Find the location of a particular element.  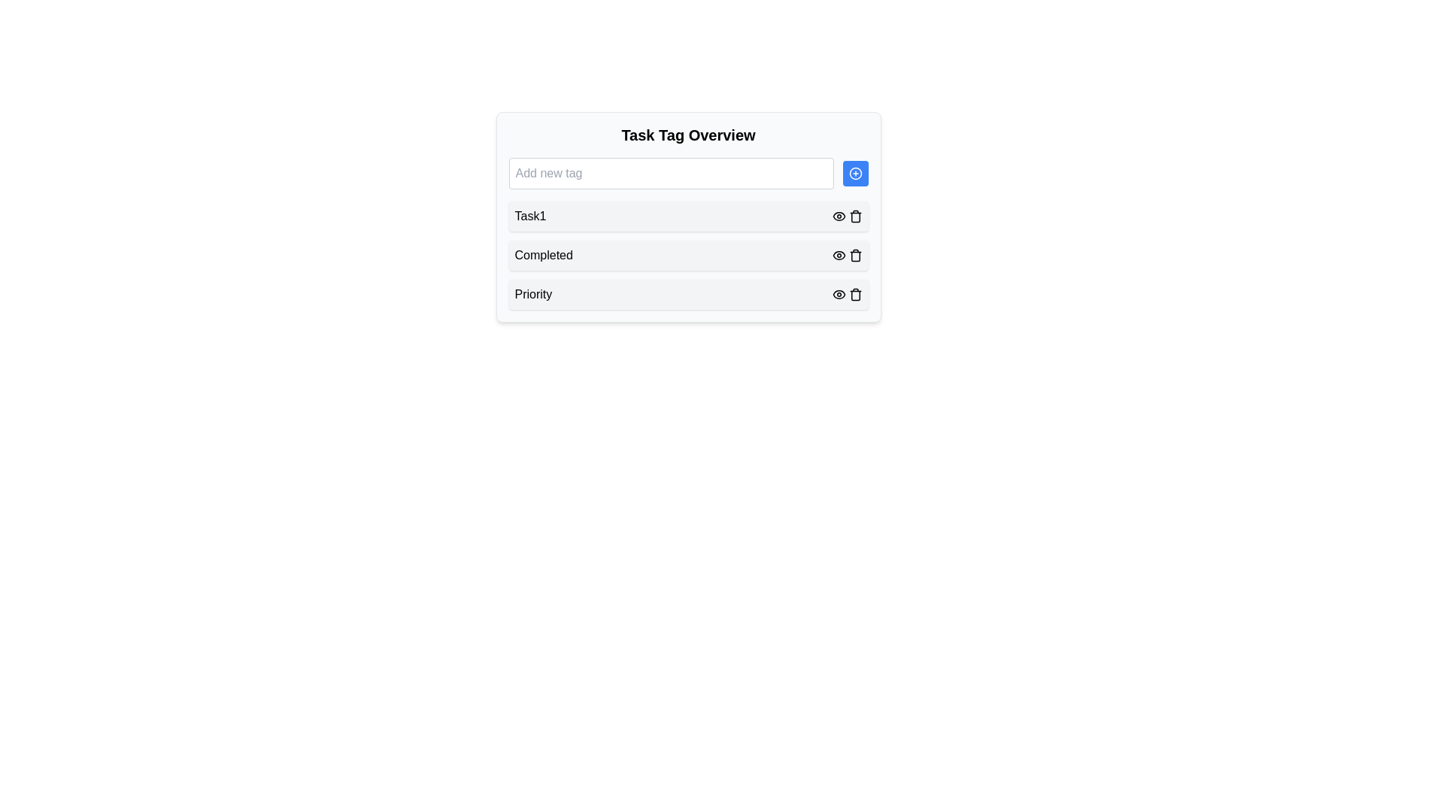

the blue button with a circular icon containing a plus sign for adding a new tag in the 'Task Tag Overview' interface for keyboard accessibility is located at coordinates (855, 173).